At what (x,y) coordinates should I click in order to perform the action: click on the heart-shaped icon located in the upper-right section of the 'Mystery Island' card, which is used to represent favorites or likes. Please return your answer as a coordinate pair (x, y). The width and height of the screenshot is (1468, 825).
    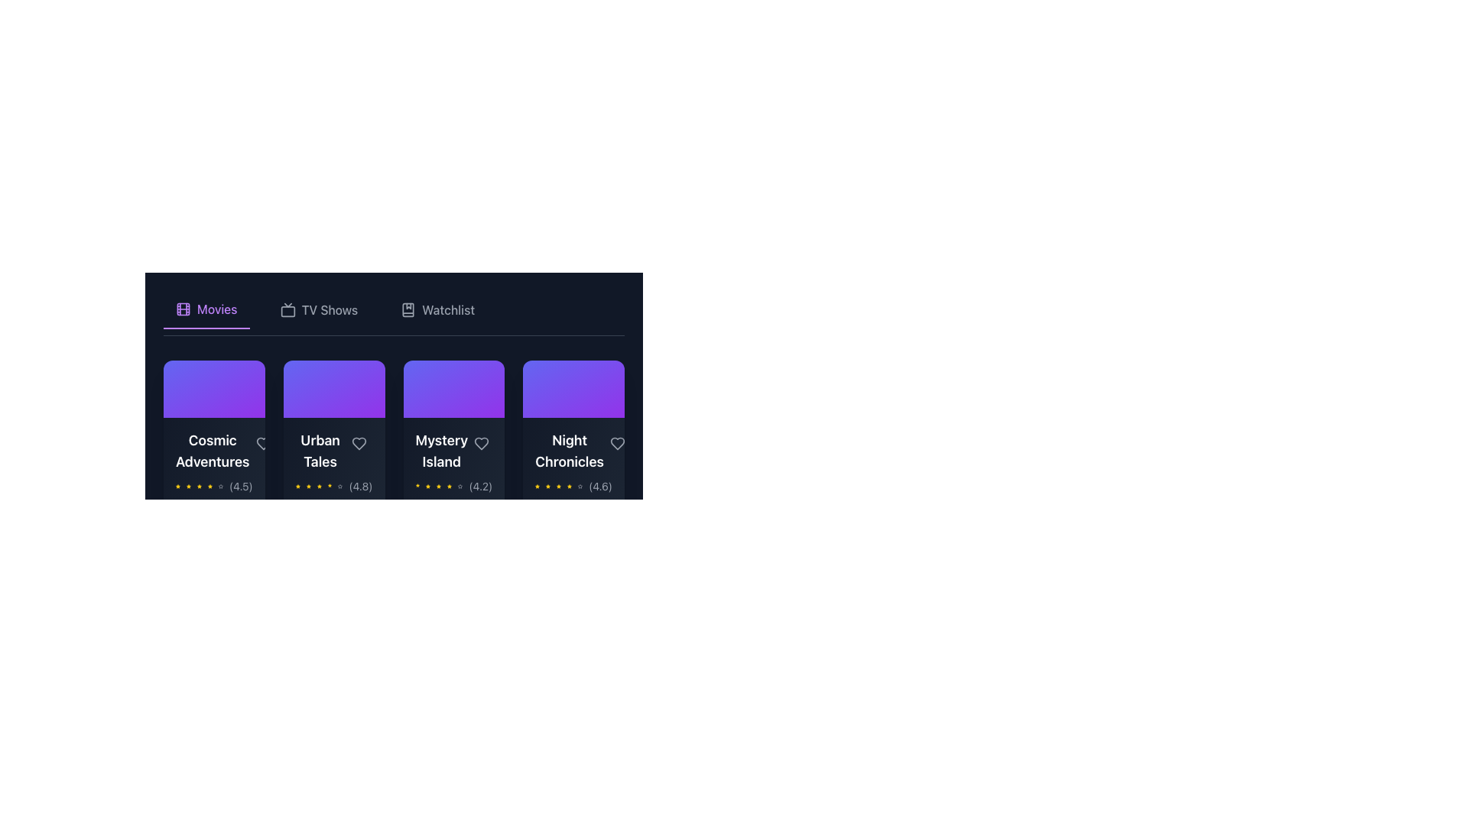
    Looking at the image, I should click on (481, 443).